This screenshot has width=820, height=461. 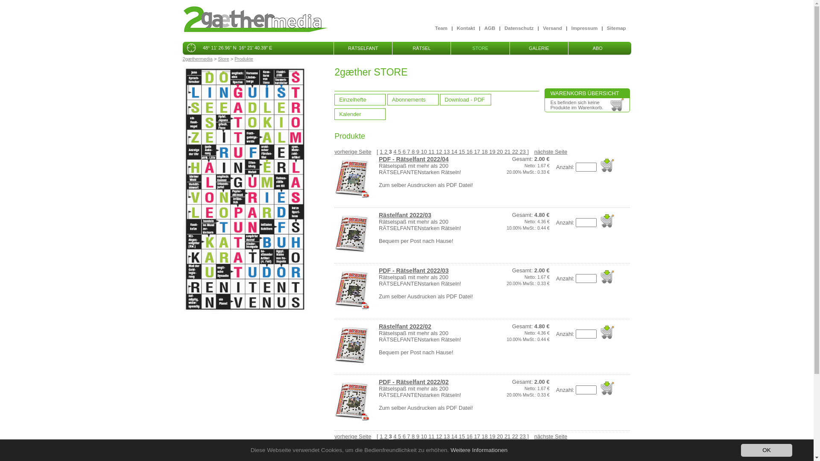 What do you see at coordinates (465, 99) in the screenshot?
I see `'Download - PDF'` at bounding box center [465, 99].